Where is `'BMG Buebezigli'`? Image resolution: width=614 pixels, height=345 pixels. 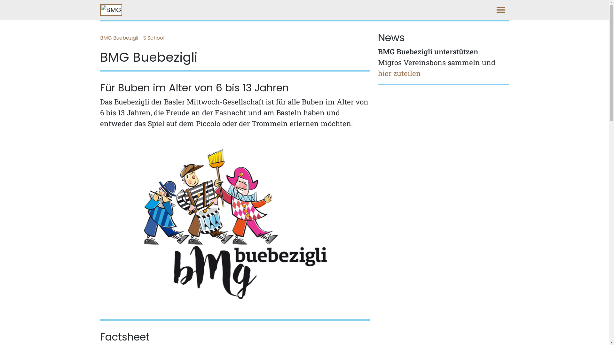
'BMG Buebezigli' is located at coordinates (121, 38).